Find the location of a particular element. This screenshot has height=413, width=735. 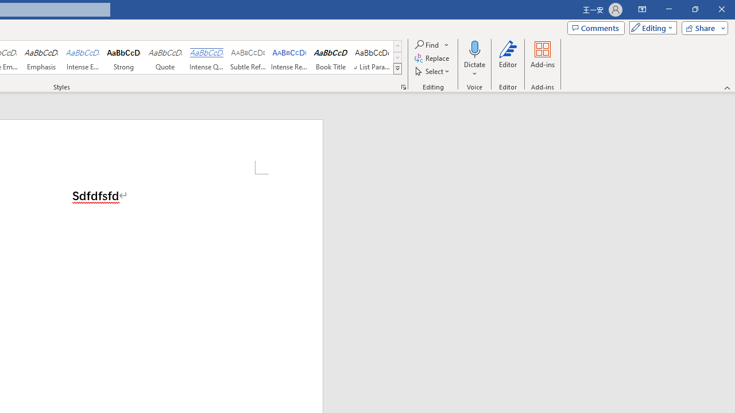

'Intense Emphasis' is located at coordinates (82, 57).